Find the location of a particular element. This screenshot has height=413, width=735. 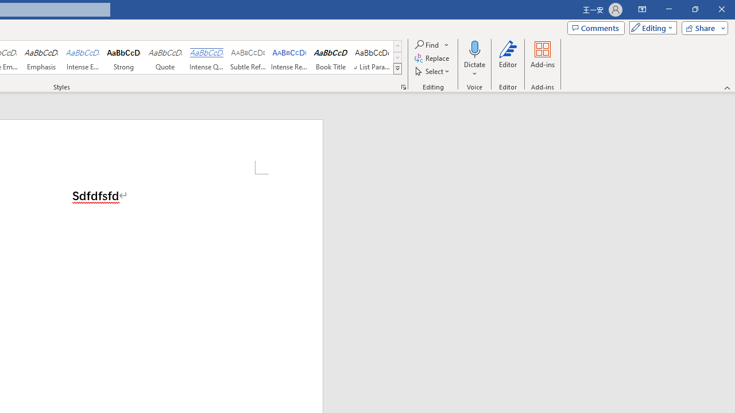

'Intense Emphasis' is located at coordinates (82, 57).